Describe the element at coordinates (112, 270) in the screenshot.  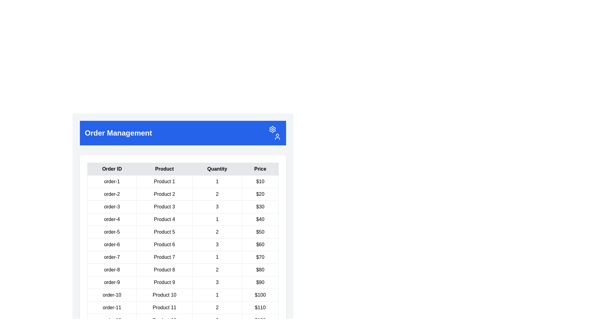
I see `the text label displaying 'order-8'` at that location.